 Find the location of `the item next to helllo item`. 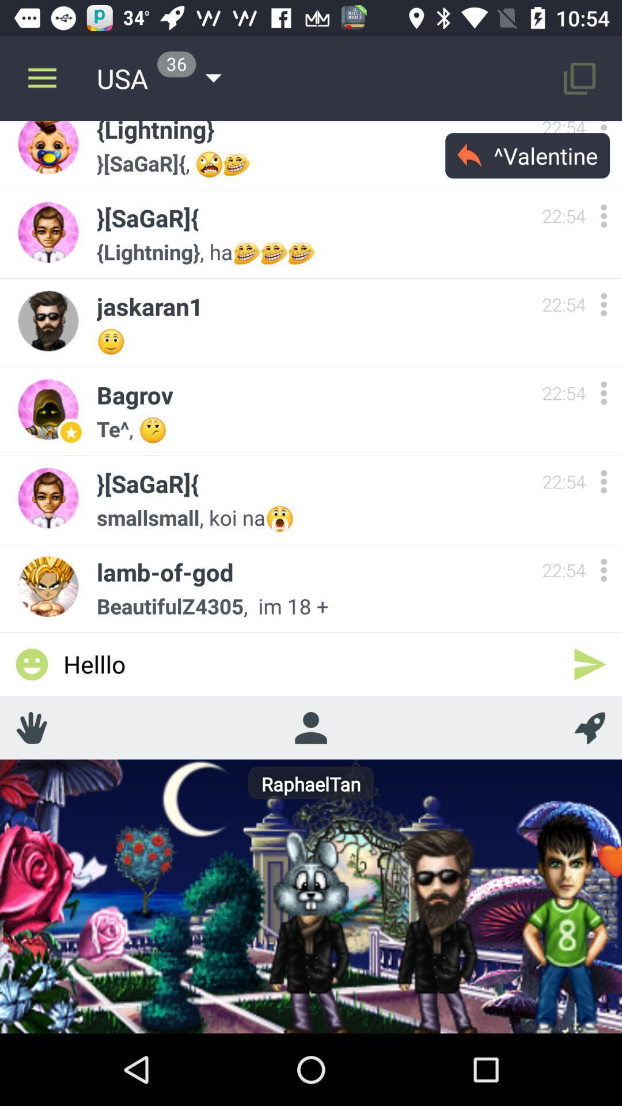

the item next to helllo item is located at coordinates (590, 664).